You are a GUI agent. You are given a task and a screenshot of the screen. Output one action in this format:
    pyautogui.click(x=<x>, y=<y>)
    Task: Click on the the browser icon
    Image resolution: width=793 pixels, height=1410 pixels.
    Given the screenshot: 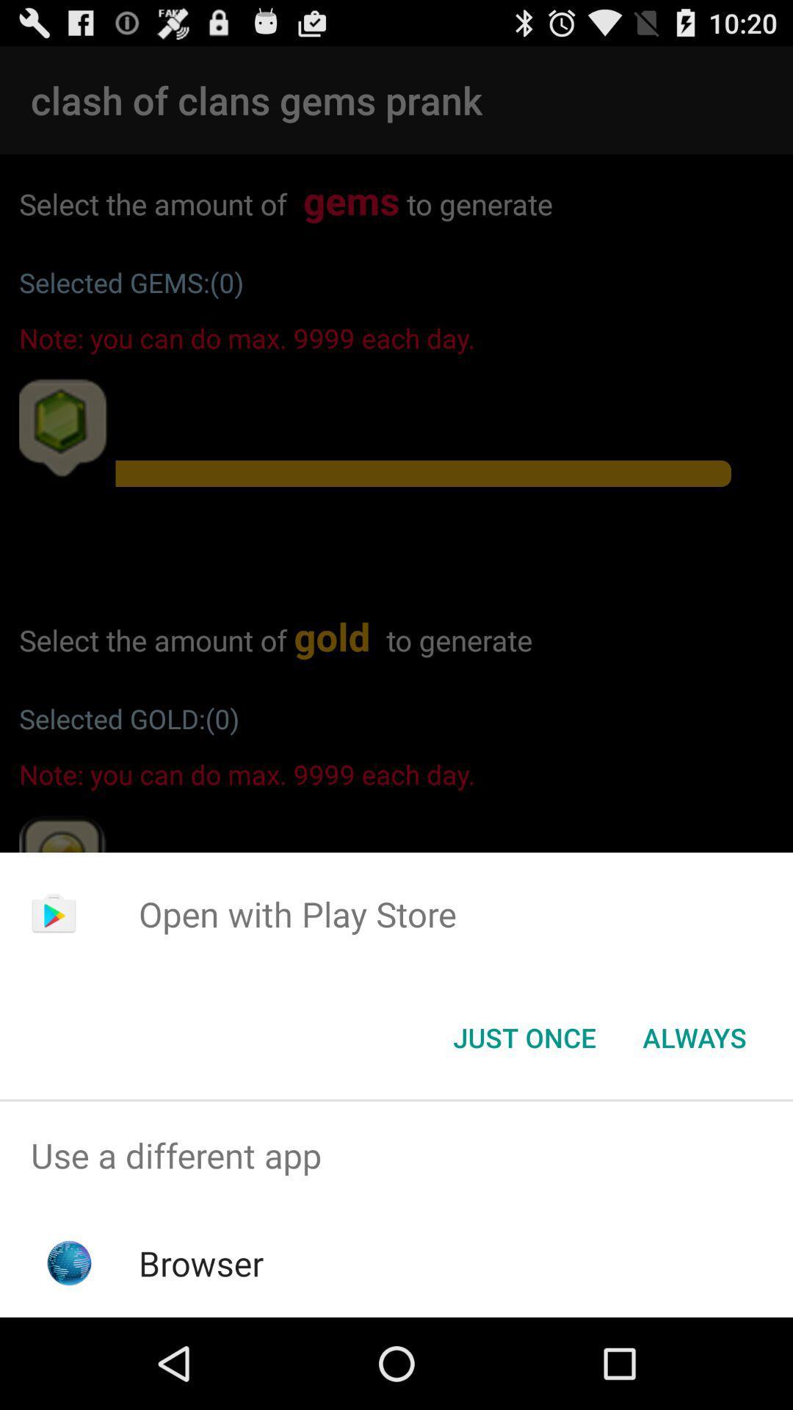 What is the action you would take?
    pyautogui.click(x=201, y=1262)
    